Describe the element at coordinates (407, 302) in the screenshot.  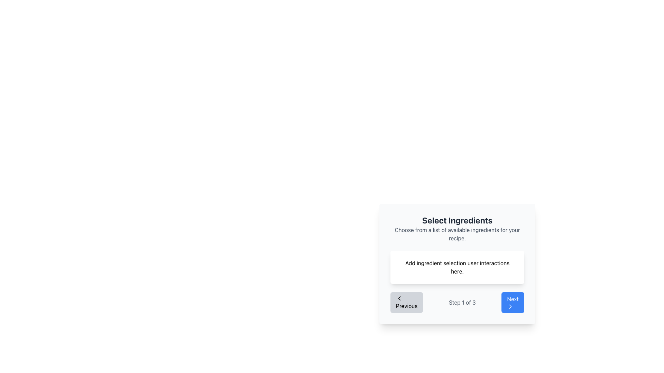
I see `the disabled navigation button located to the left of the 'Step 1 of 3' text and the 'Next' button in the pagination interface` at that location.